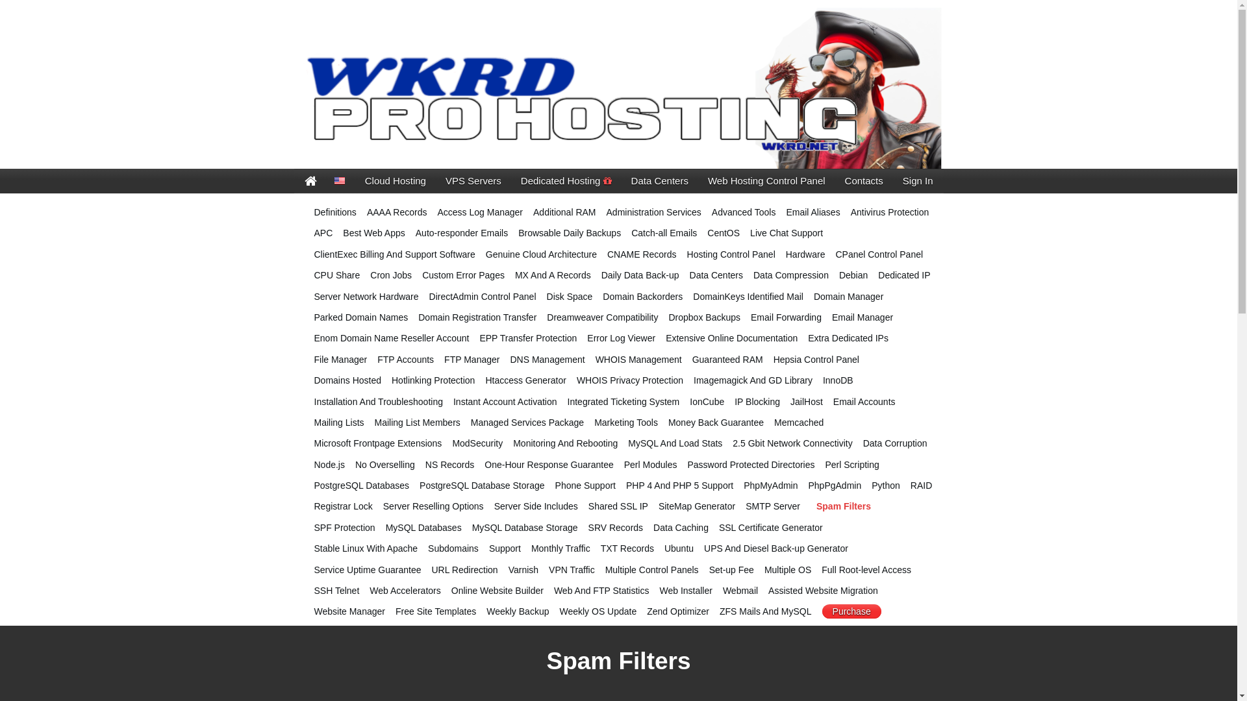 The width and height of the screenshot is (1247, 701). Describe the element at coordinates (504, 548) in the screenshot. I see `'Support'` at that location.